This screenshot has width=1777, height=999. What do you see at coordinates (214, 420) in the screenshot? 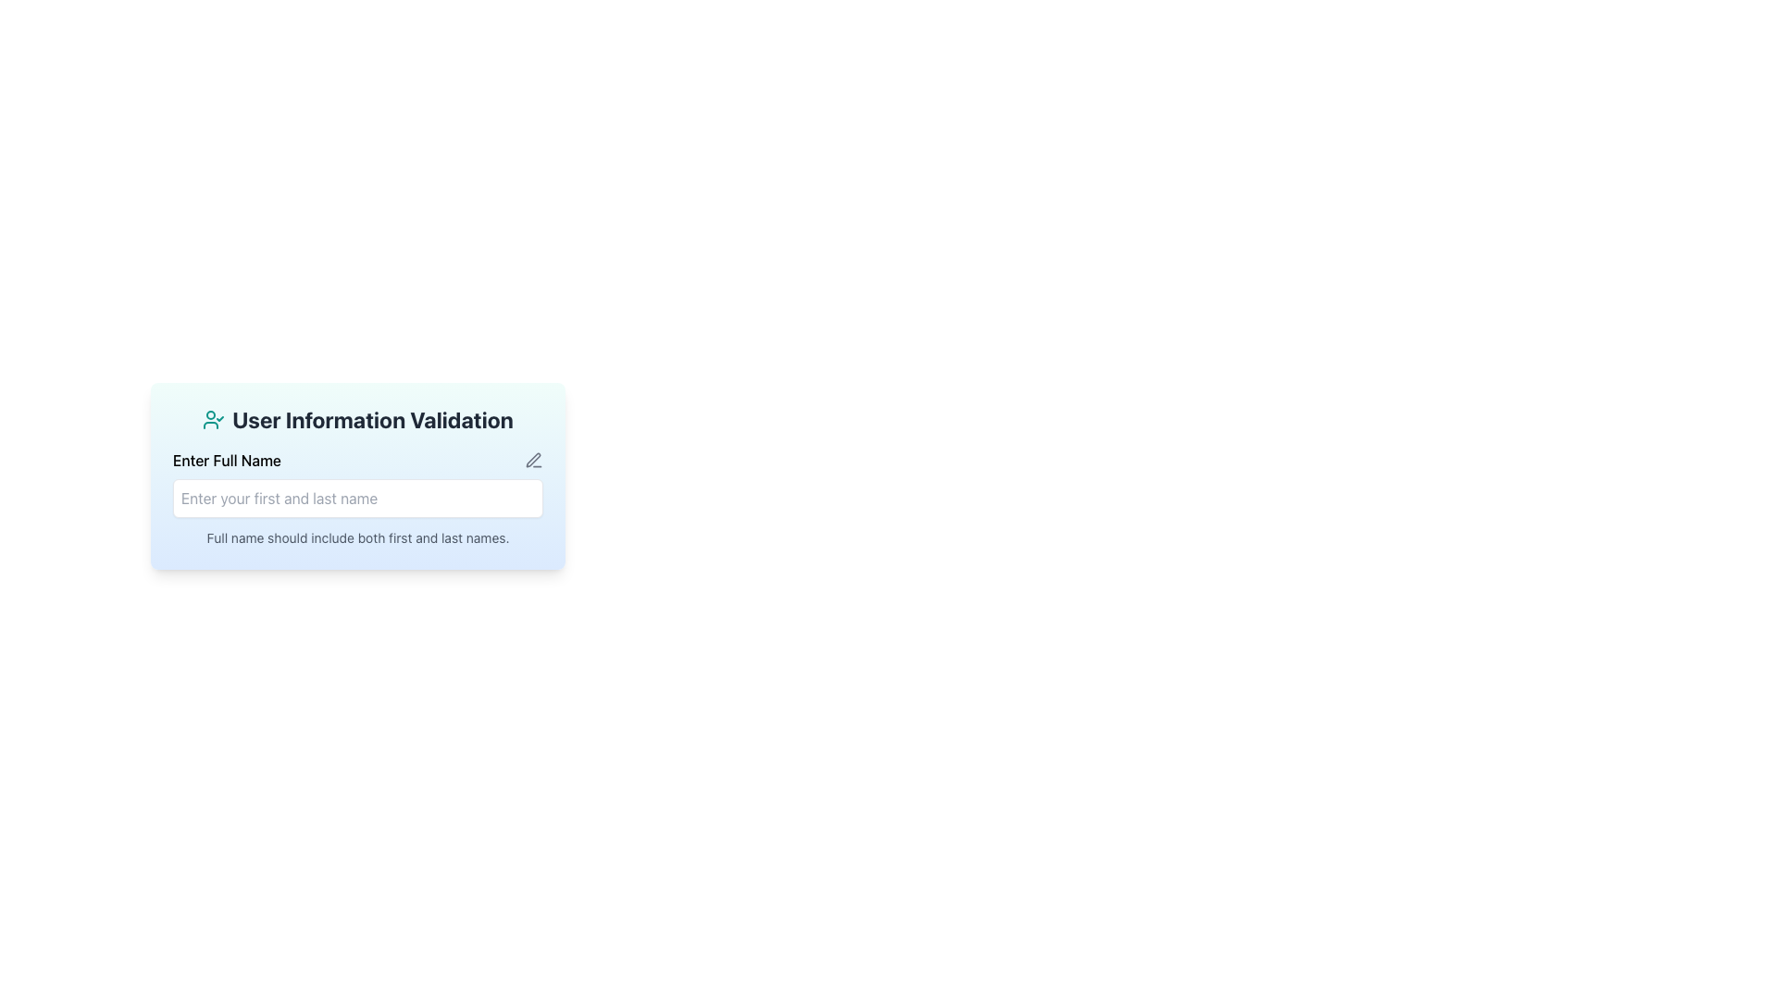
I see `the validation icon located at the top-left of the 'User Information Validation' header, which serves as a visual representation of user validation` at bounding box center [214, 420].